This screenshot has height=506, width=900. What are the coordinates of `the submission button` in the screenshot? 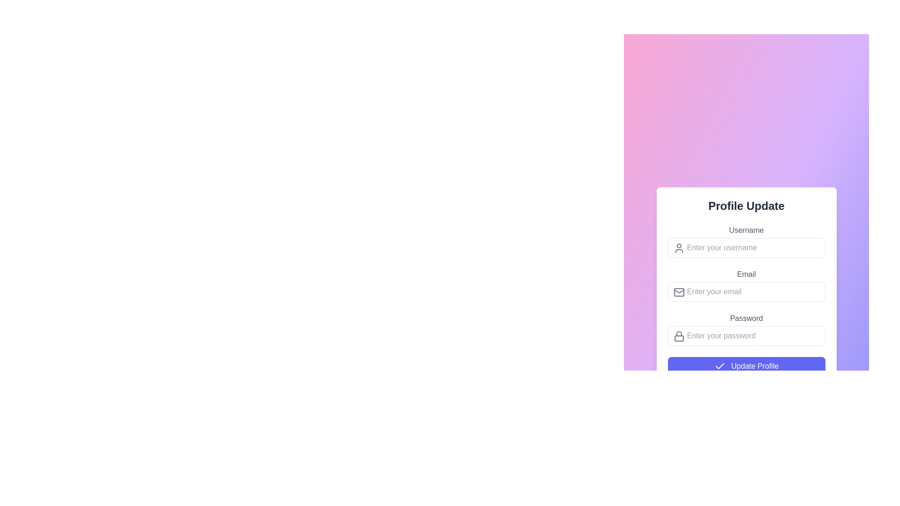 It's located at (746, 366).